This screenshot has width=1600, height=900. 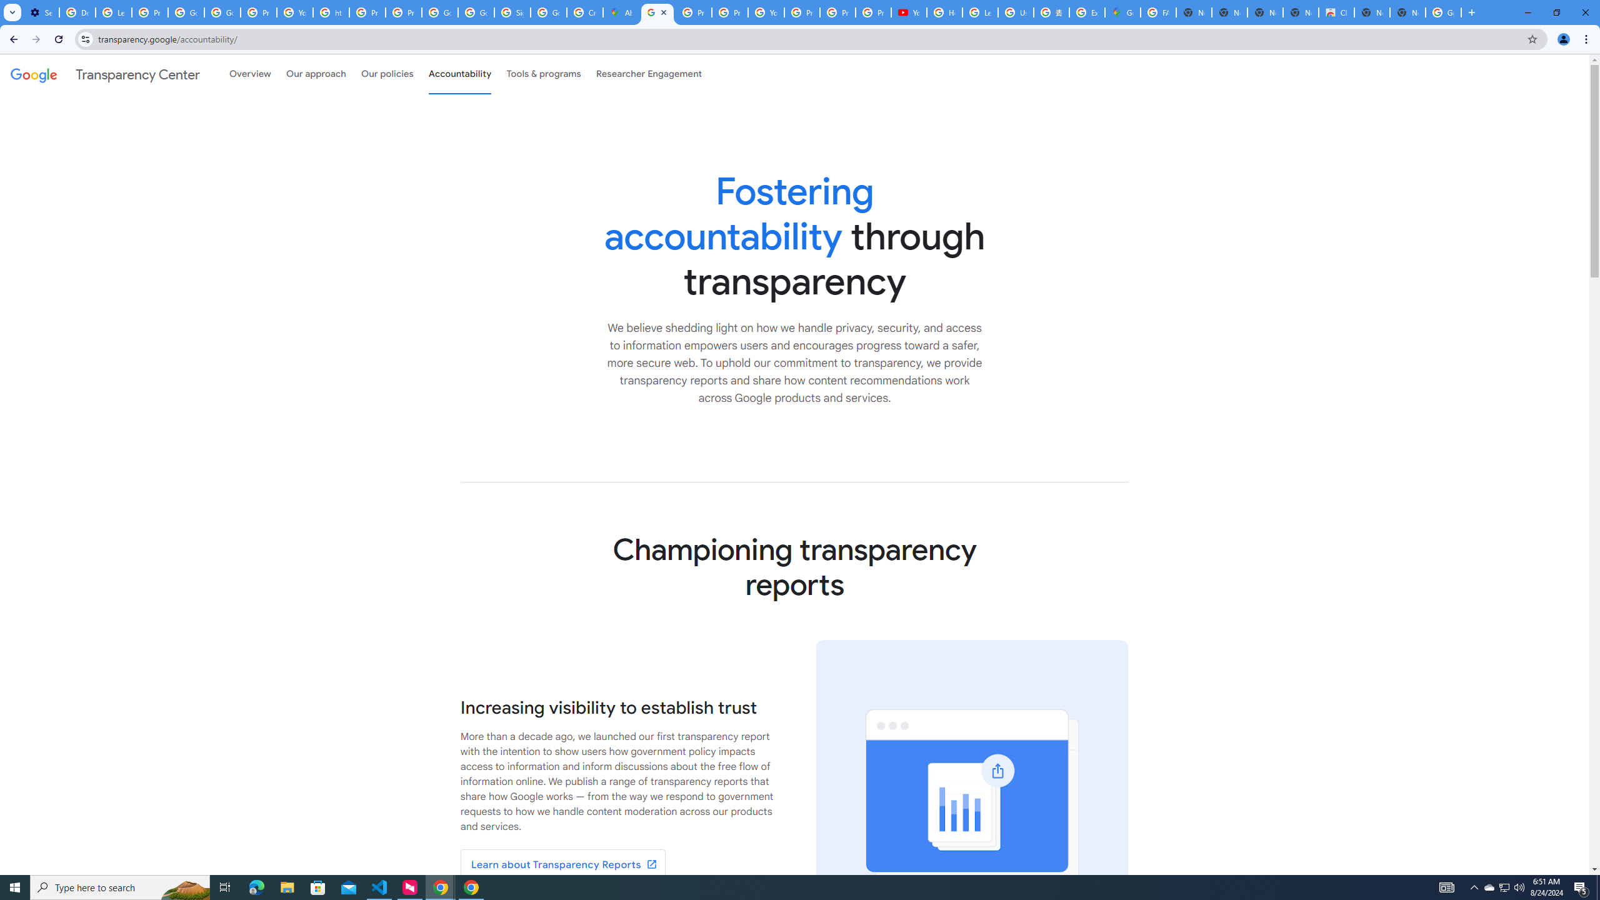 What do you see at coordinates (512, 12) in the screenshot?
I see `'Sign in - Google Accounts'` at bounding box center [512, 12].